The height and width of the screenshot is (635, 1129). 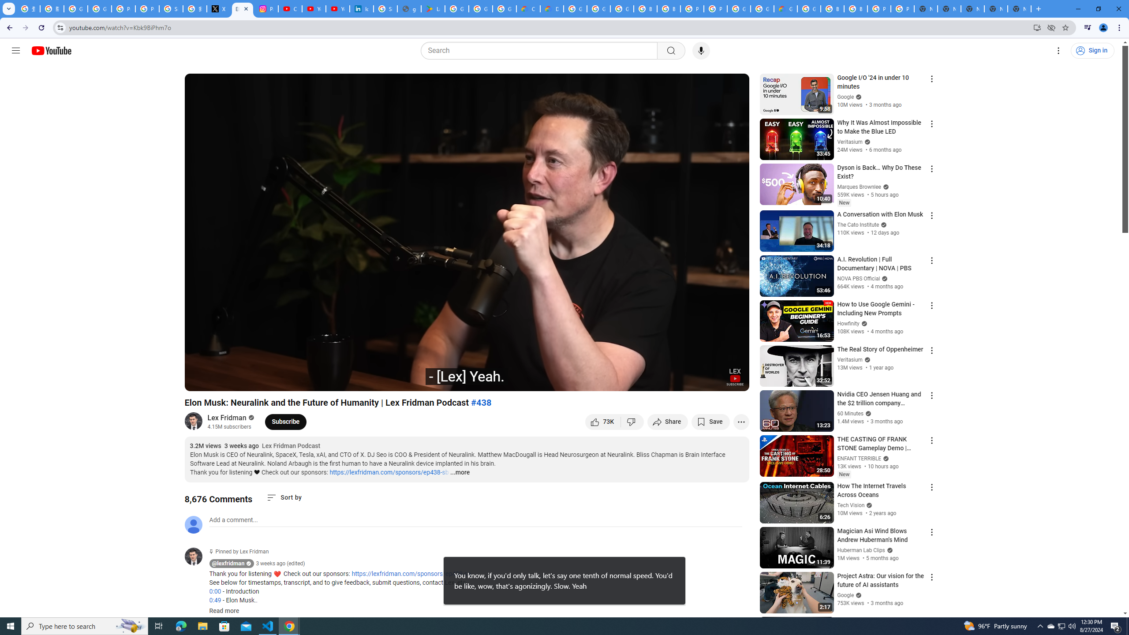 I want to click on 'https://lexfridman.com/sponsors/ep438-sb', so click(x=389, y=472).